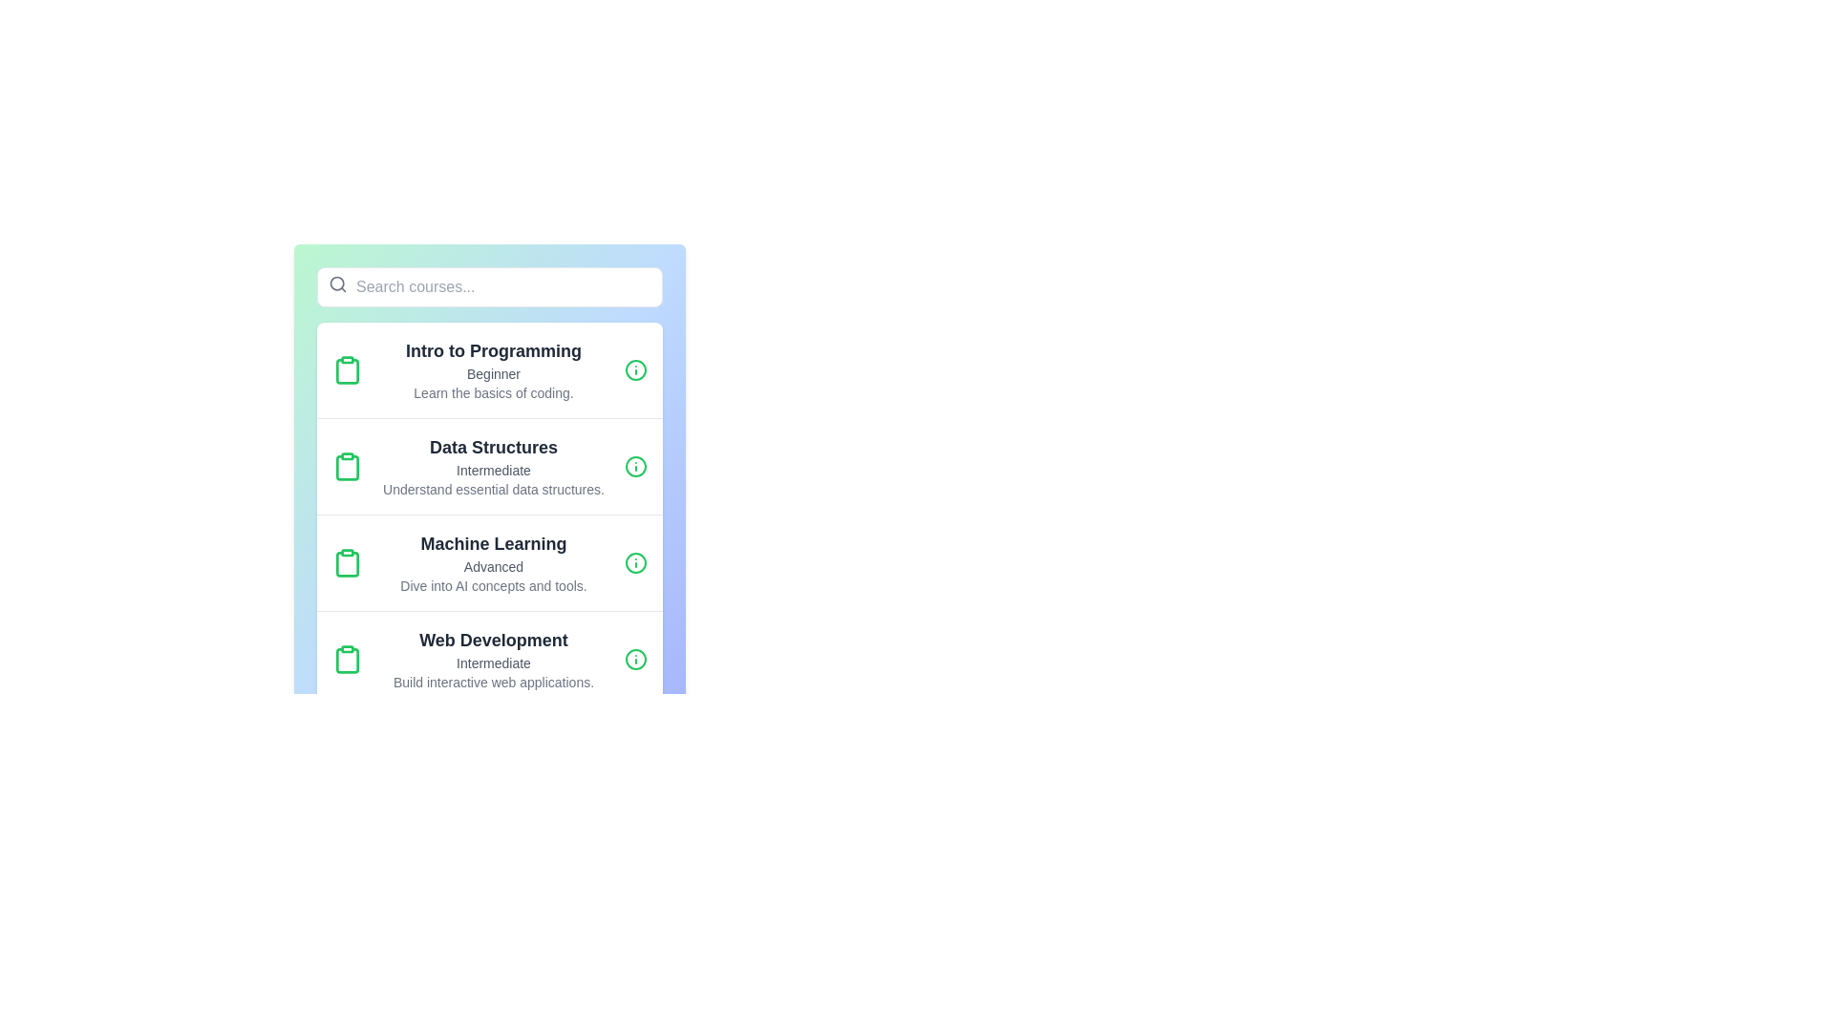 The height and width of the screenshot is (1031, 1834). Describe the element at coordinates (636, 370) in the screenshot. I see `the clickable icon located to the immediate right of the 'Intro to Programming' text` at that location.